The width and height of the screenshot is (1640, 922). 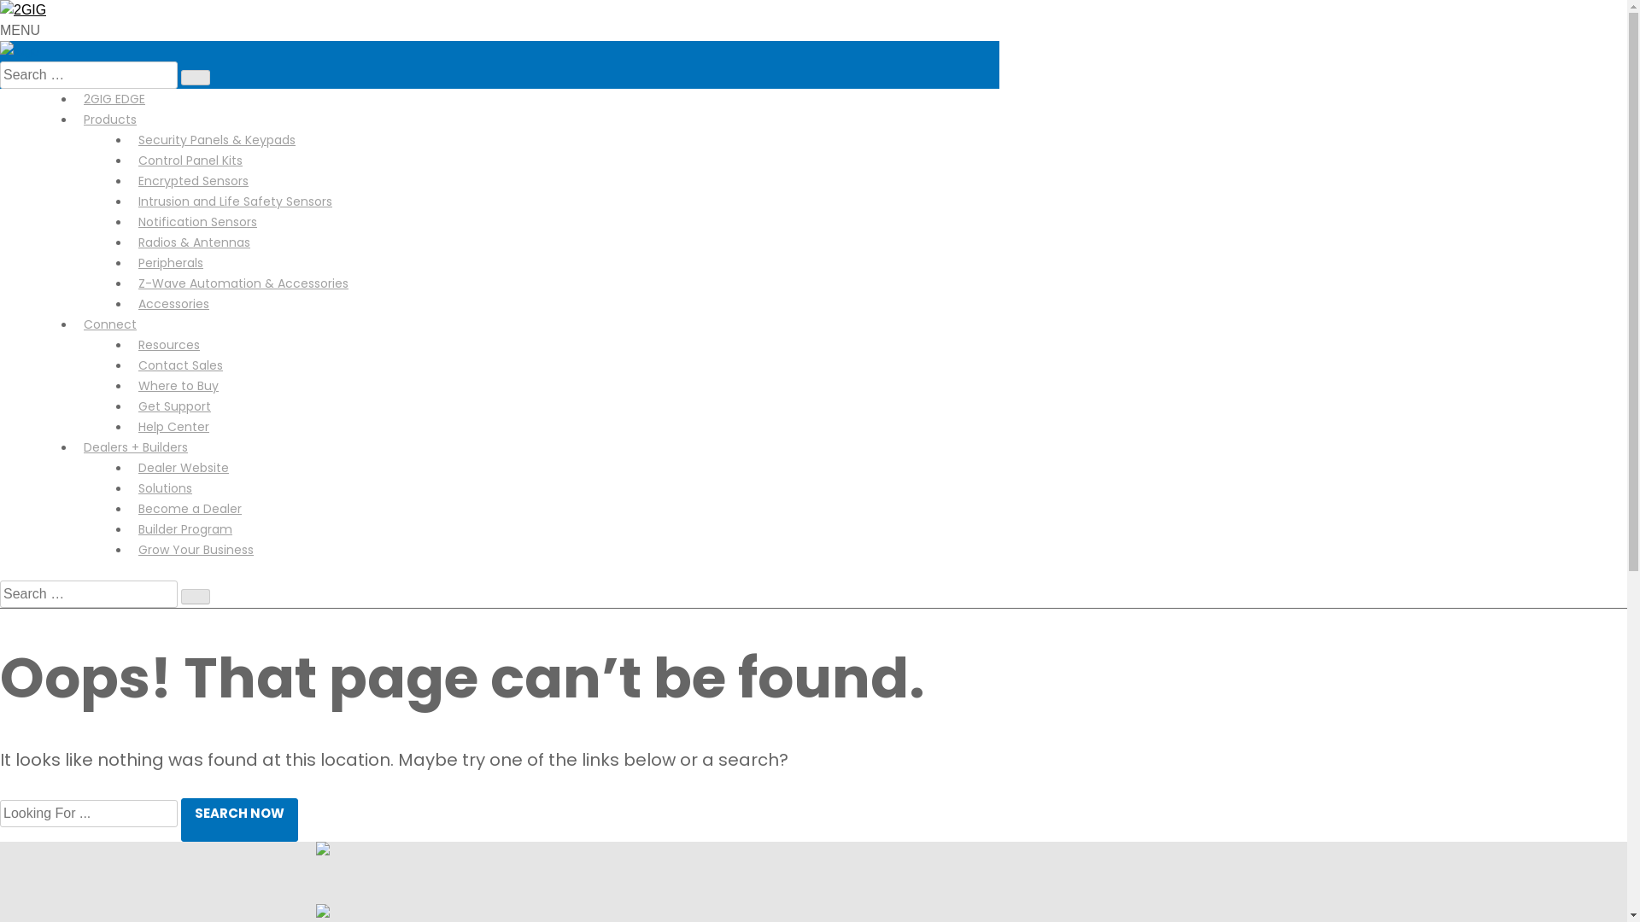 What do you see at coordinates (173, 302) in the screenshot?
I see `'Accessories'` at bounding box center [173, 302].